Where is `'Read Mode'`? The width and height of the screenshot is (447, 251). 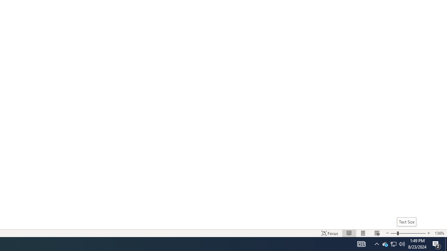
'Read Mode' is located at coordinates (349, 233).